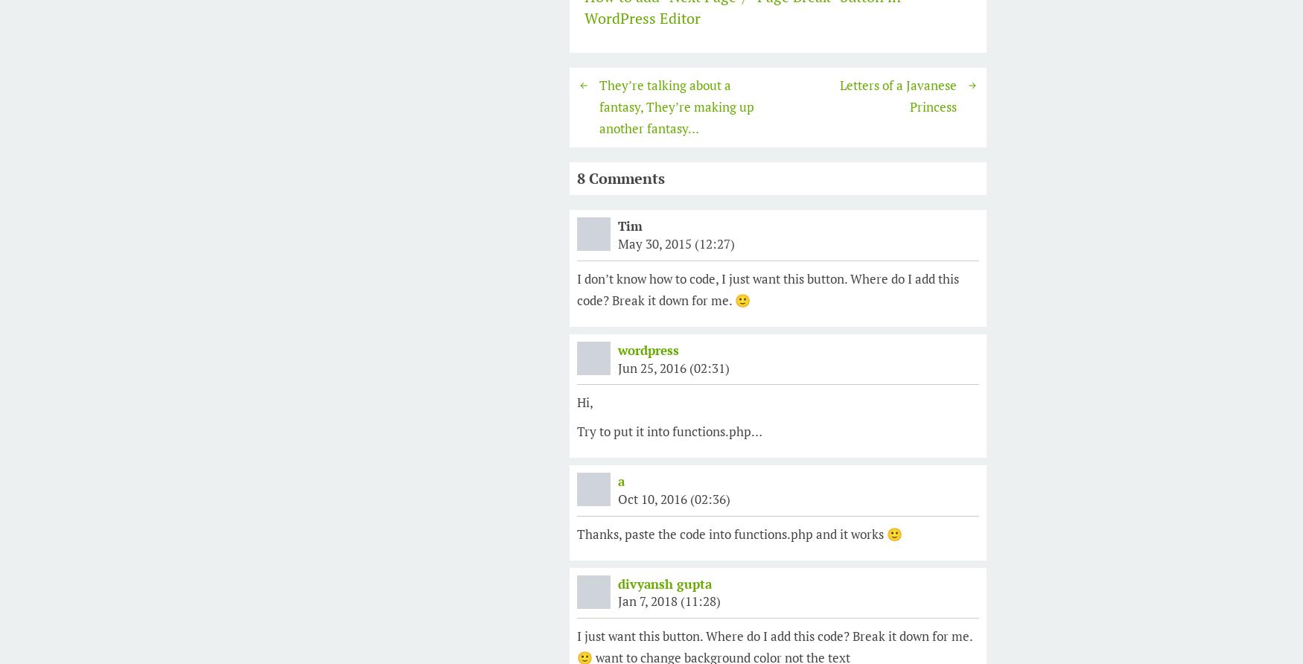 This screenshot has height=664, width=1303. What do you see at coordinates (672, 367) in the screenshot?
I see `'Jun 25, 2016 (02:31)'` at bounding box center [672, 367].